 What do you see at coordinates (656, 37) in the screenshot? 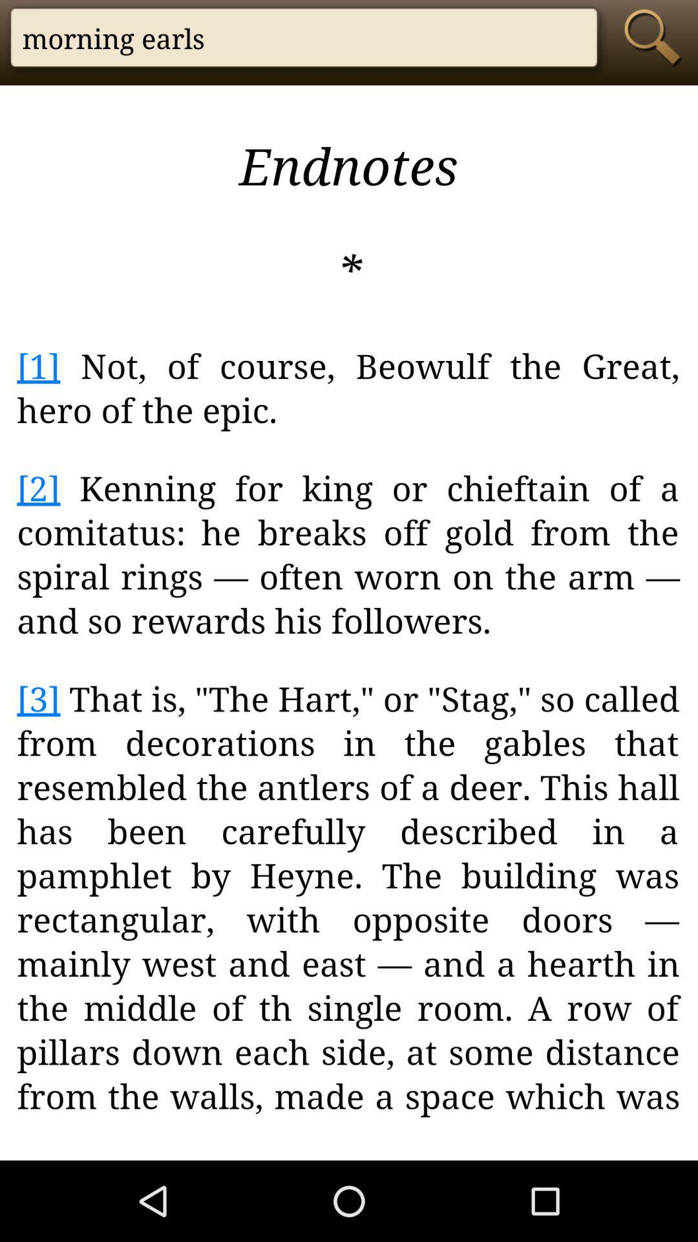
I see `search` at bounding box center [656, 37].